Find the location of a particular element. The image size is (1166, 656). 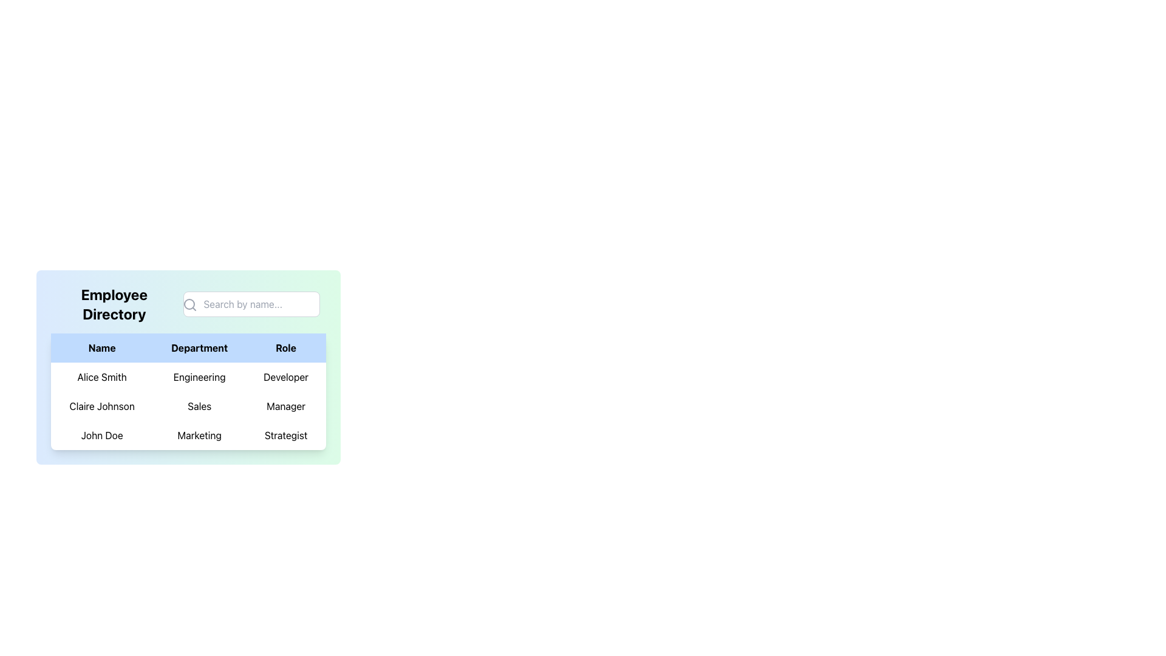

the table cell containing the text 'Developer', which is centrally aligned in black against a white background, located in the 'Role' column of the first row is located at coordinates (285, 377).